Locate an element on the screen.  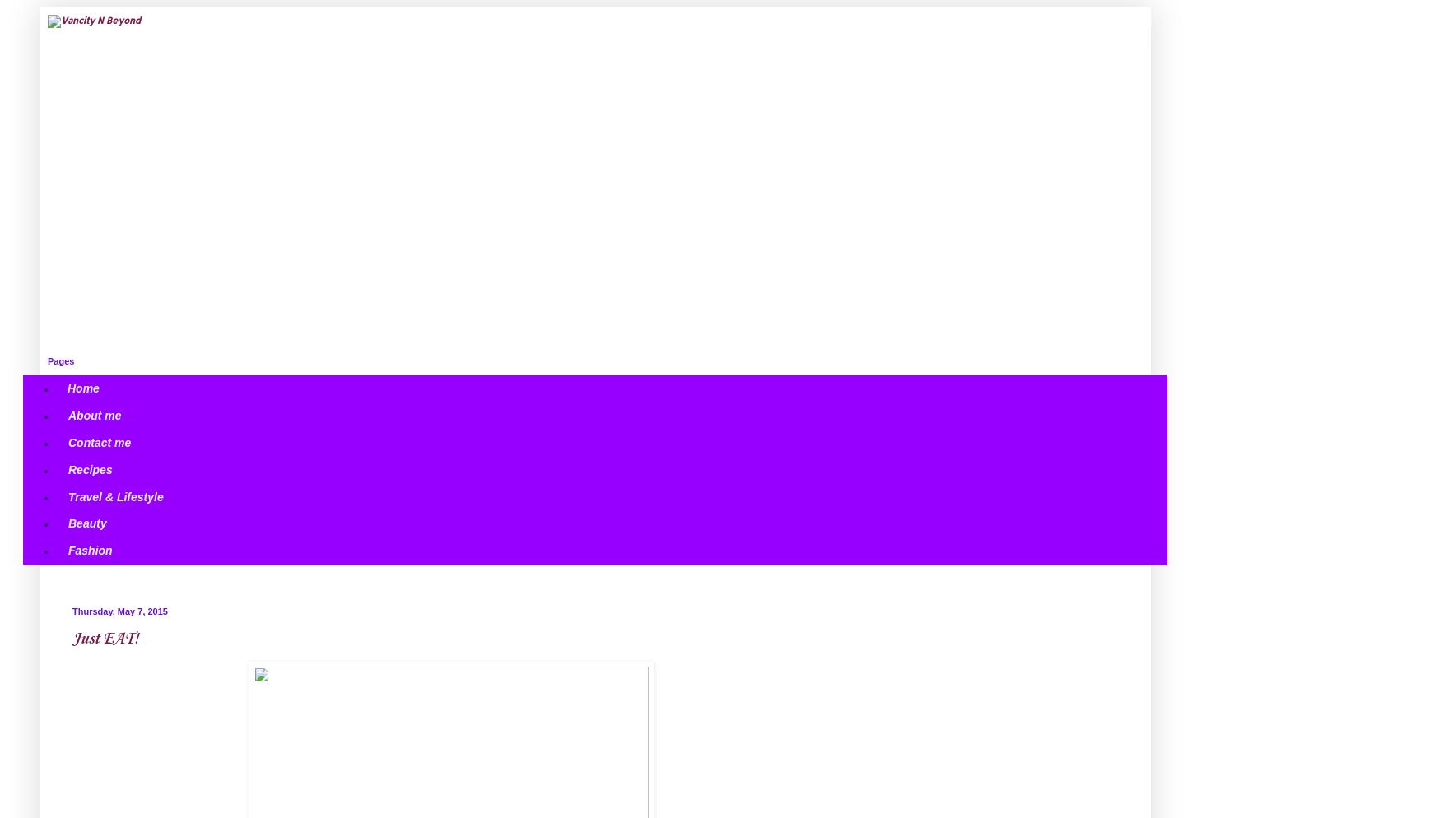
'Just EAT!' is located at coordinates (105, 639).